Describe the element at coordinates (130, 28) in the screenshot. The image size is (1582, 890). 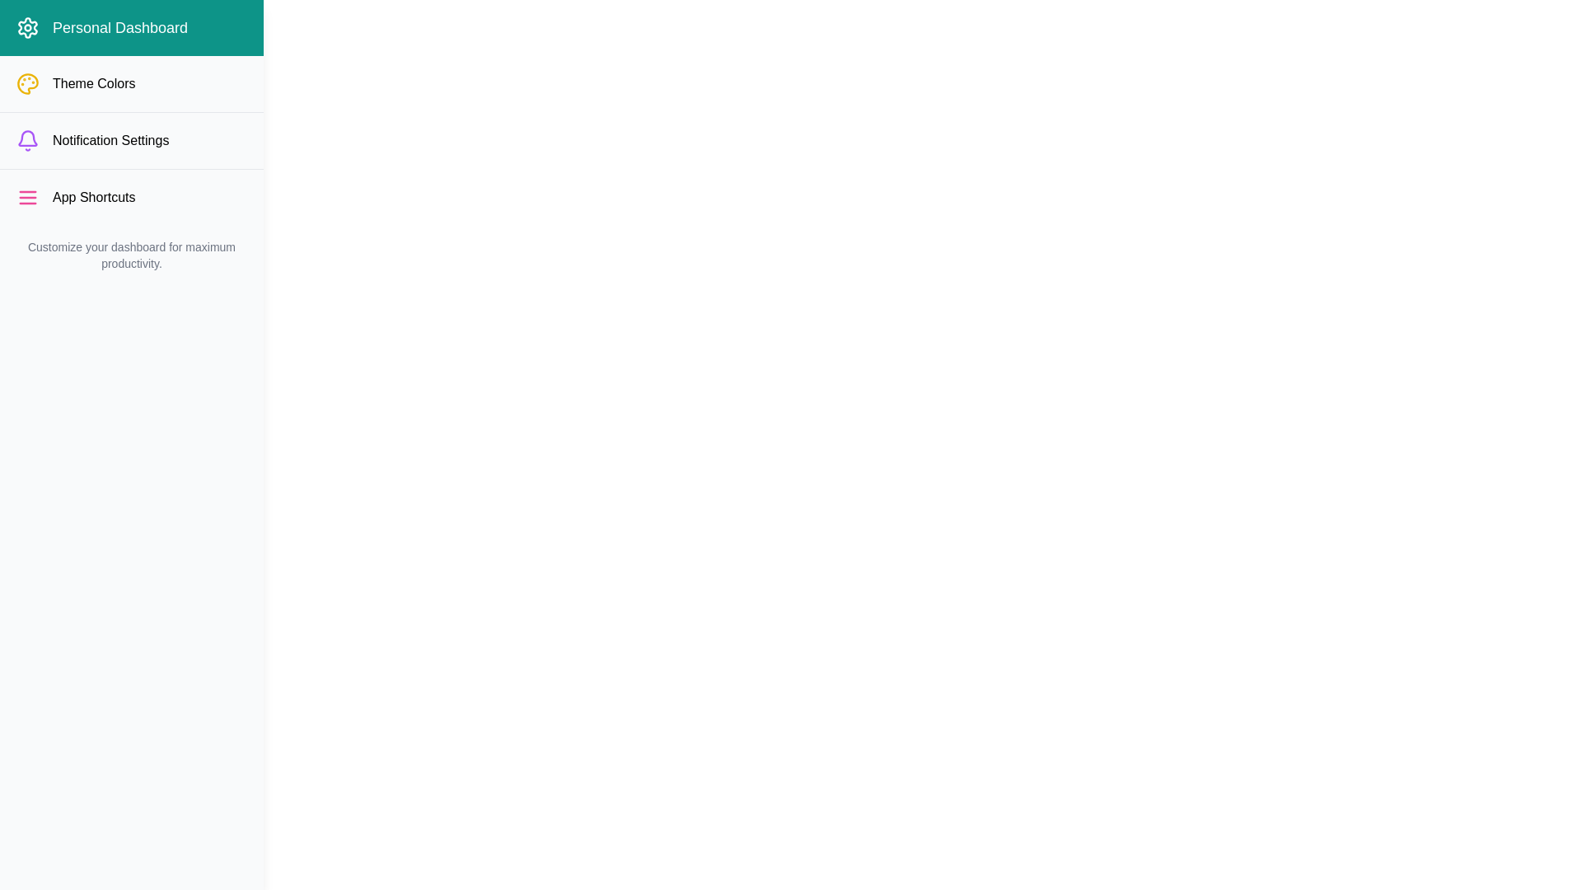
I see `the header area containing the icon and title` at that location.